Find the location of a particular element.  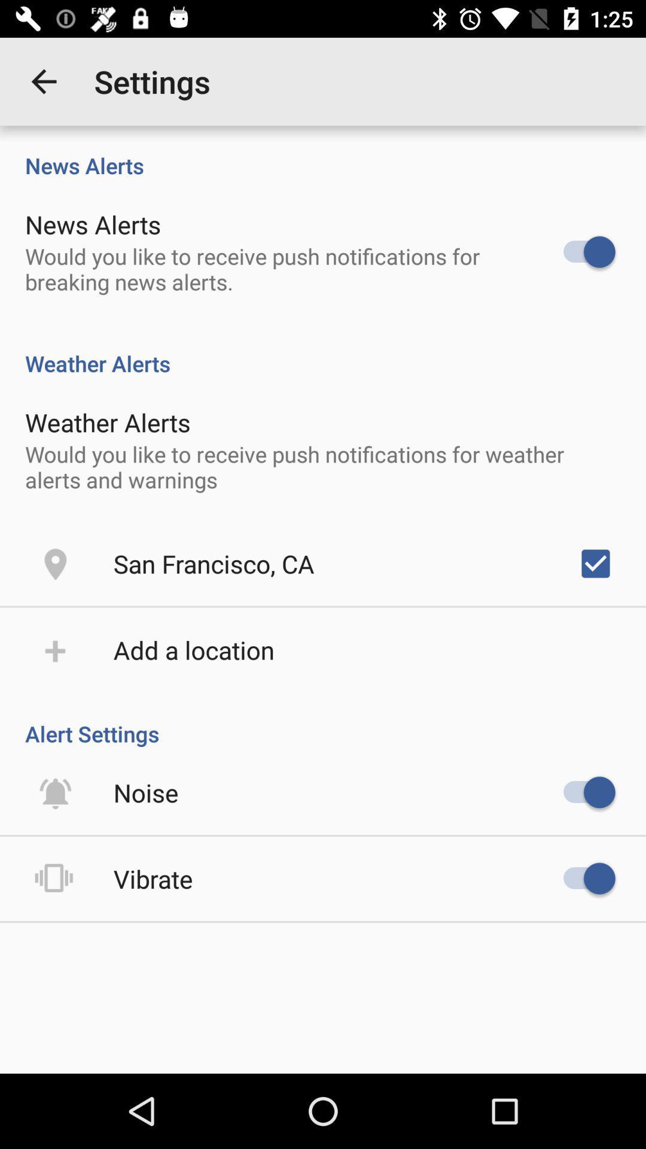

icon above the news alerts item is located at coordinates (43, 81).